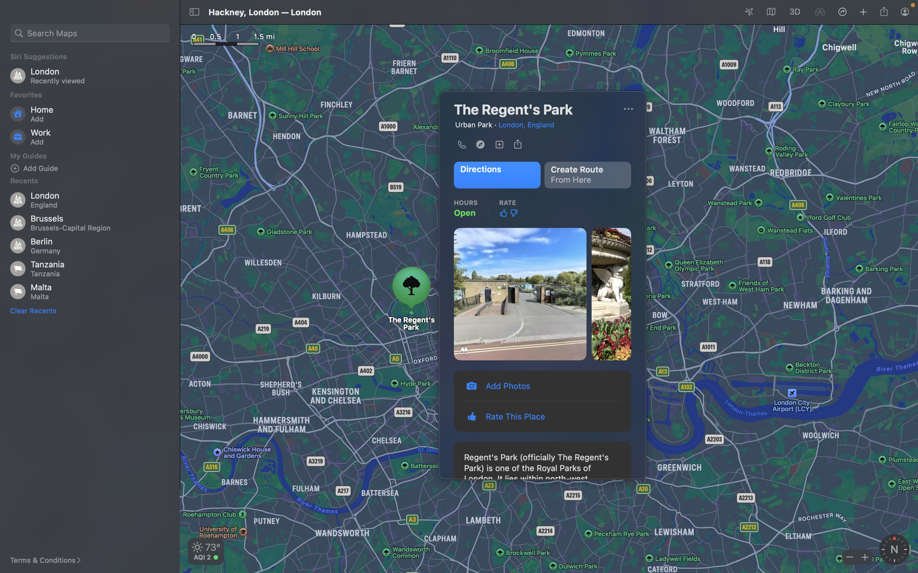  What do you see at coordinates (628, 109) in the screenshot?
I see `Share the place with a friend by clicking on the "more options" button and selecting "share"` at bounding box center [628, 109].